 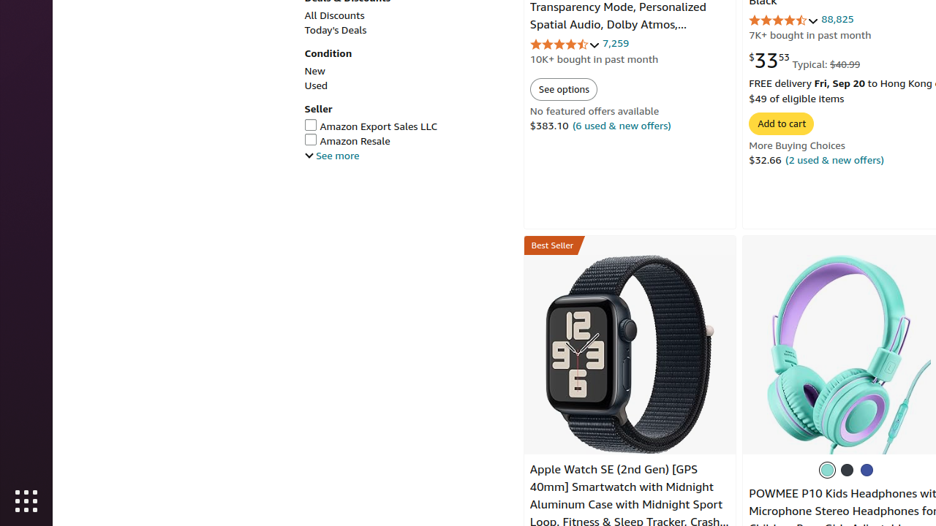 I want to click on '4.7 out of 5 stars', so click(x=783, y=20).